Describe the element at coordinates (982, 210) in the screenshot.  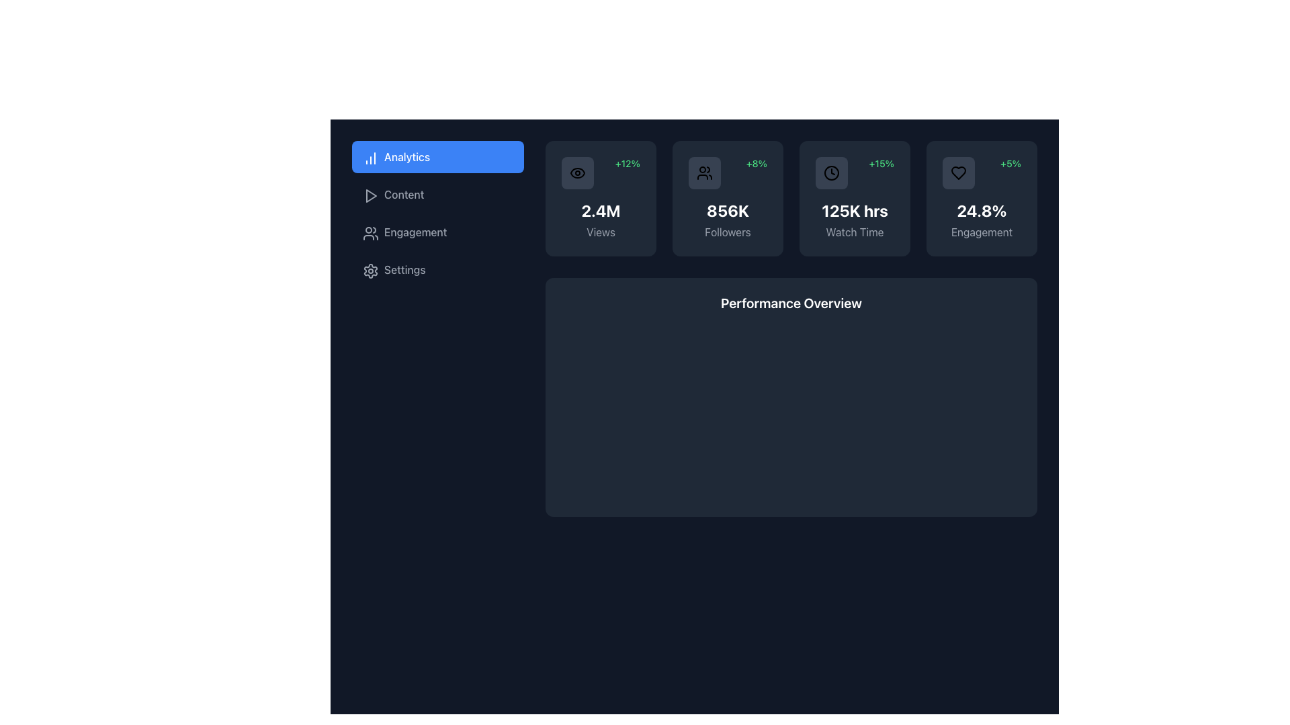
I see `text content of the Text display component that shows the percentage value '24.8%', located in the fourth card at the upper-right part of the interface, below the green '+5%' text and above the gray 'Engagement' text` at that location.